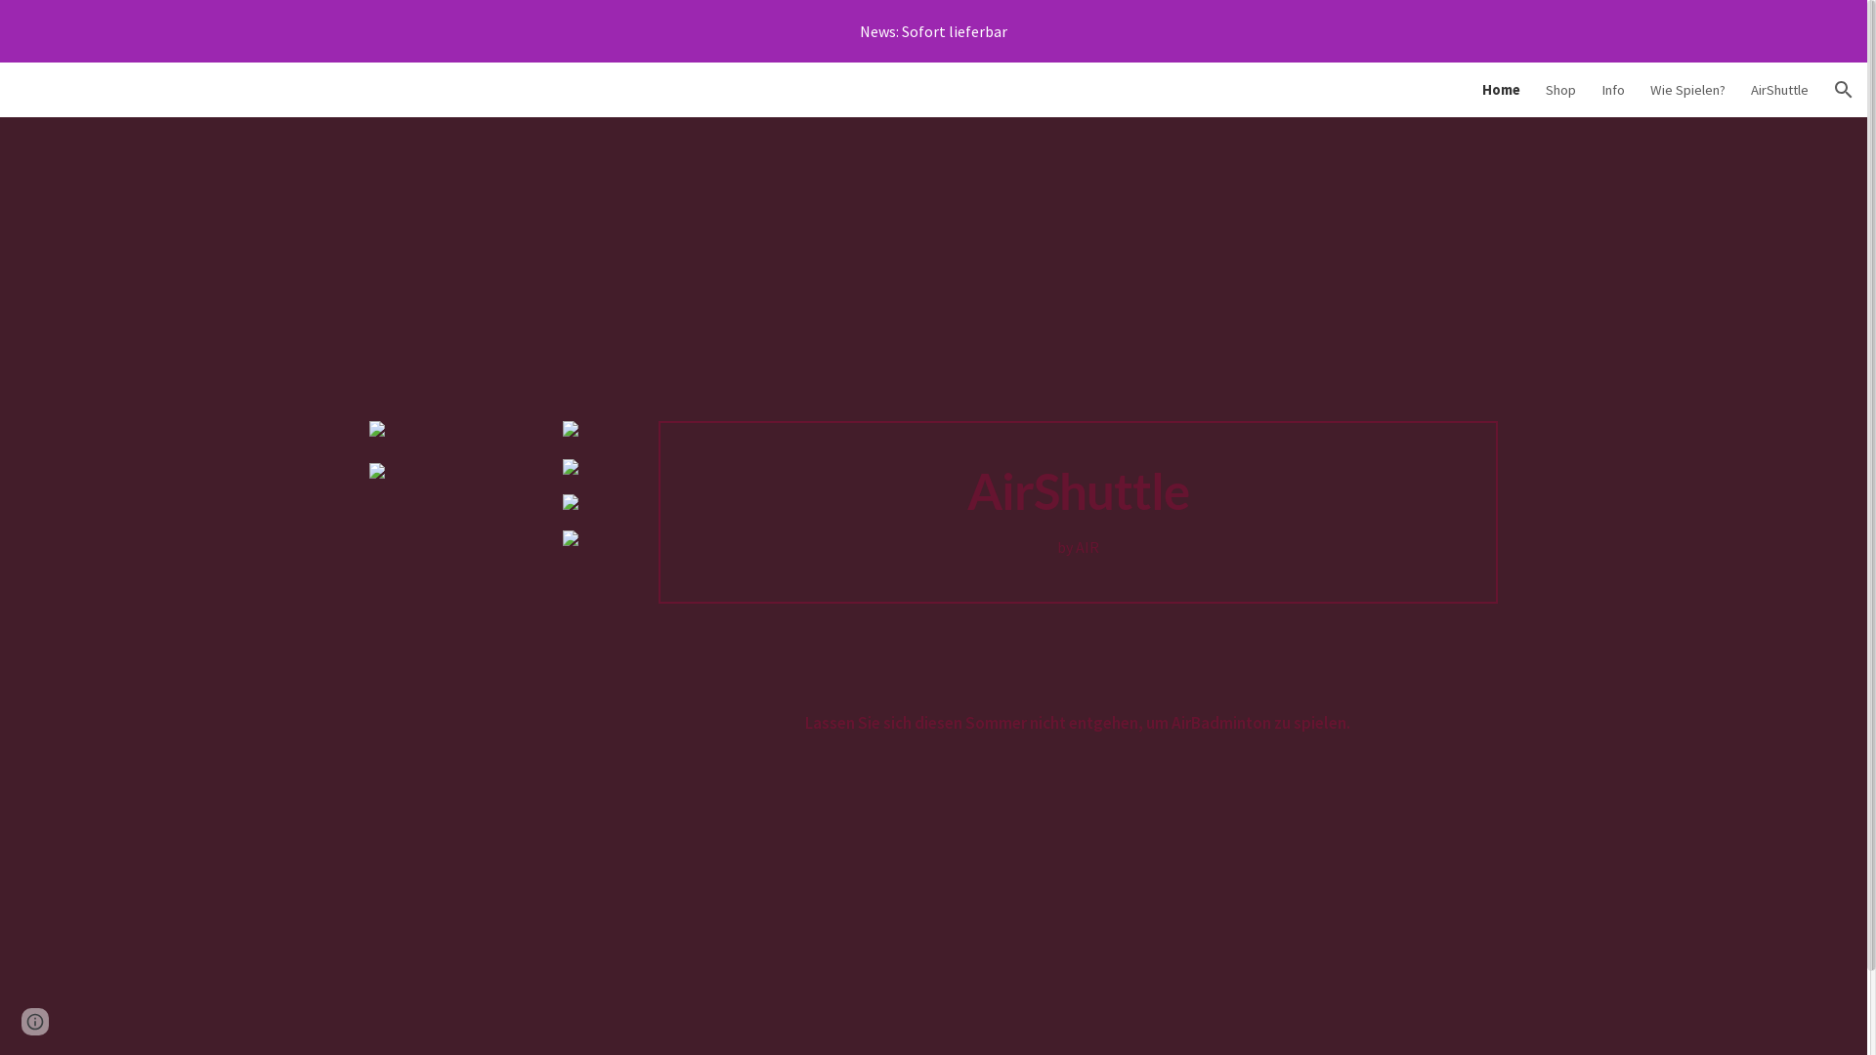 The height and width of the screenshot is (1055, 1876). I want to click on 'Info', so click(1613, 90).